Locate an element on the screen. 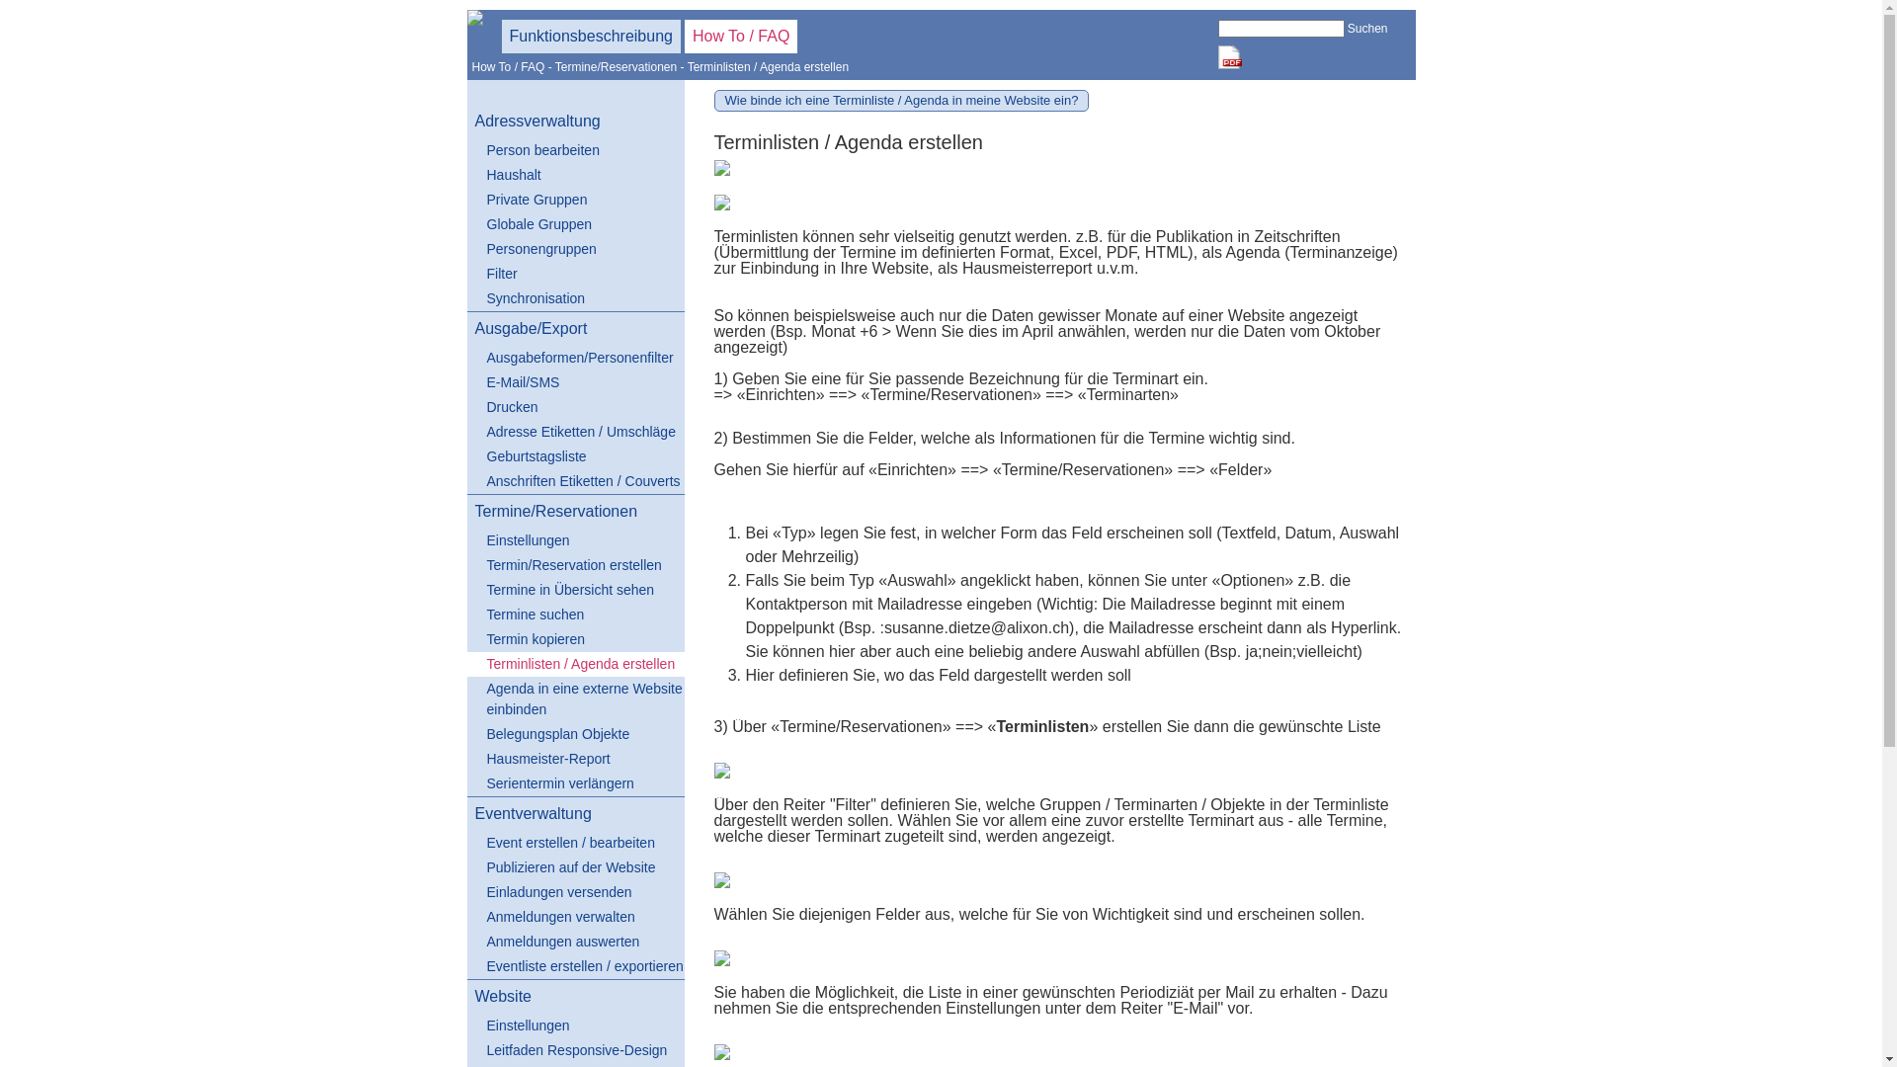 This screenshot has width=1897, height=1067. 'Anmeldungen auswerten' is located at coordinates (573, 941).